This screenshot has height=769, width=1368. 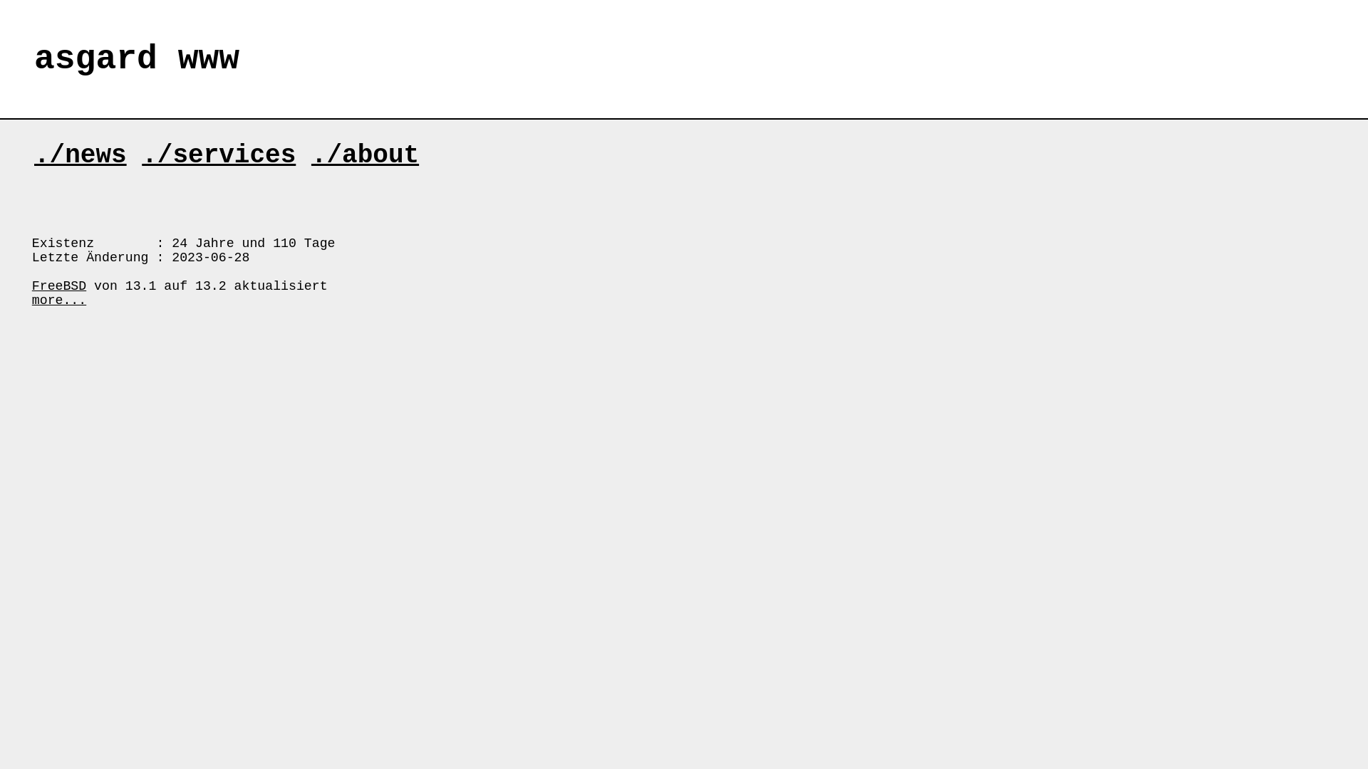 I want to click on './news', so click(x=80, y=155).